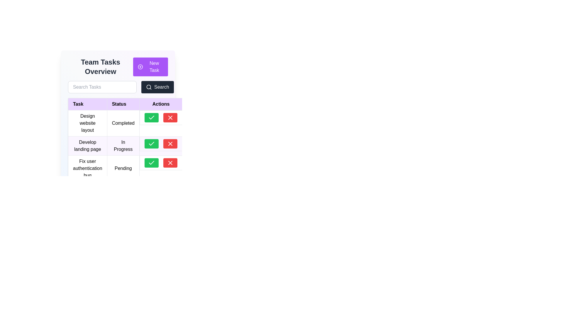 This screenshot has width=563, height=317. Describe the element at coordinates (170, 118) in the screenshot. I see `the delete icon in the Actions column of the table for the task 'Design website layout'` at that location.